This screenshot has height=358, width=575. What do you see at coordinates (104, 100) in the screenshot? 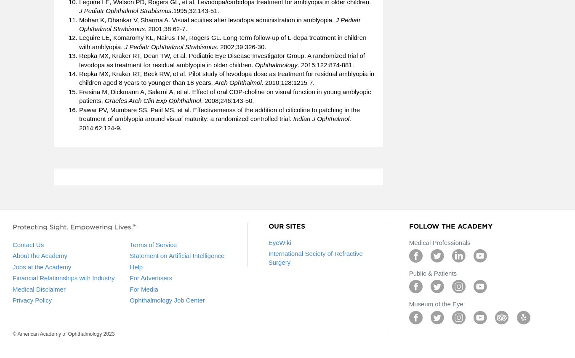
I see `'Graefes Arch Clin Exp Ophthalmol'` at bounding box center [104, 100].